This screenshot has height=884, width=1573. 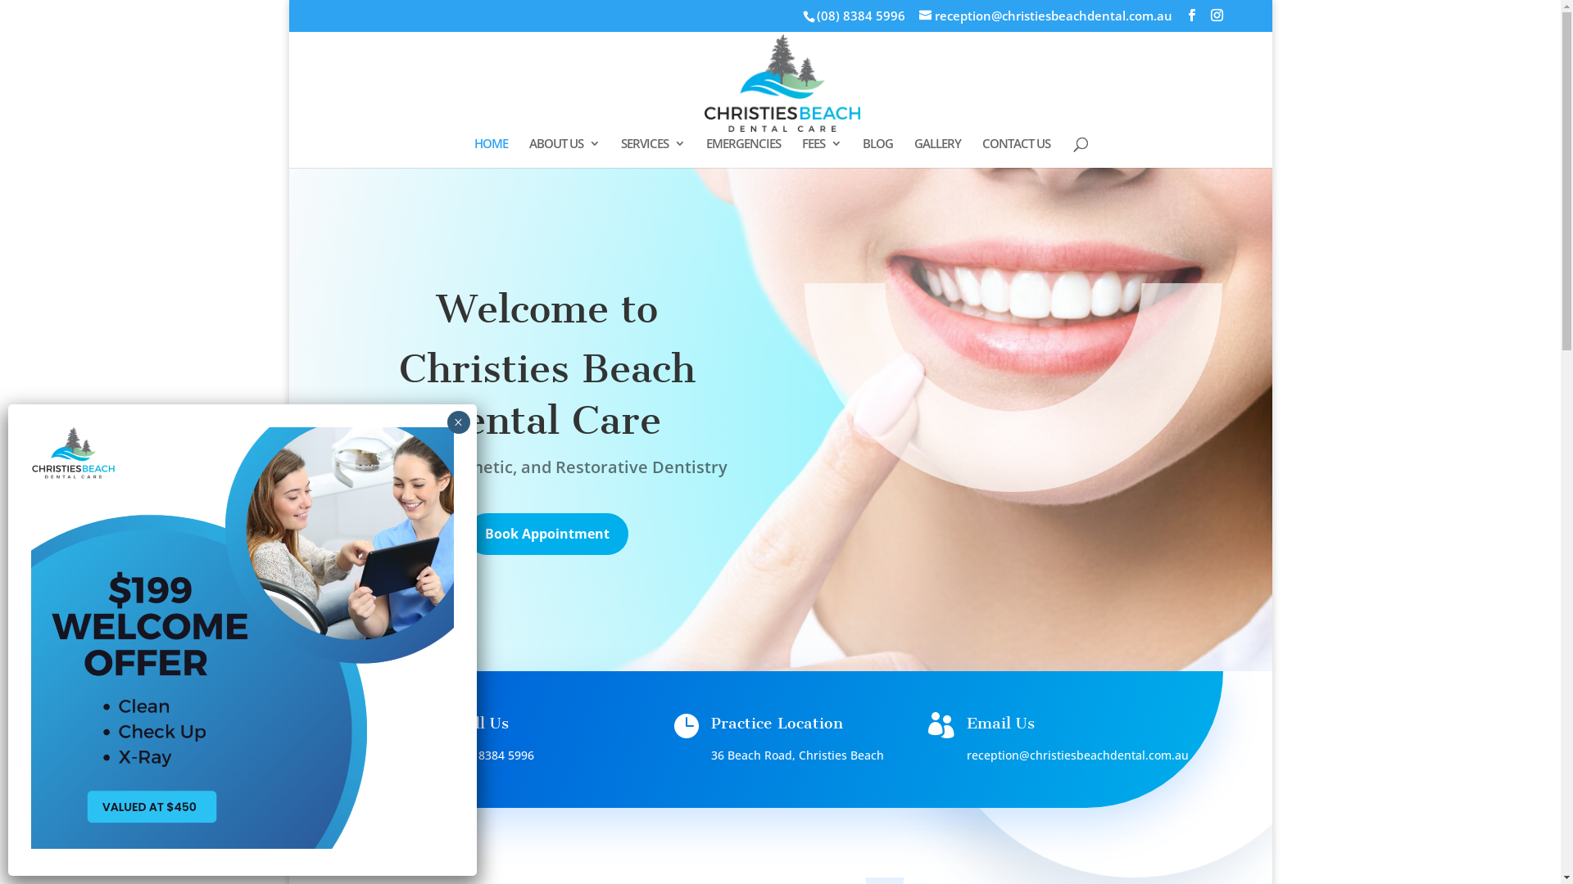 I want to click on '(08) 8384 5996', so click(x=859, y=16).